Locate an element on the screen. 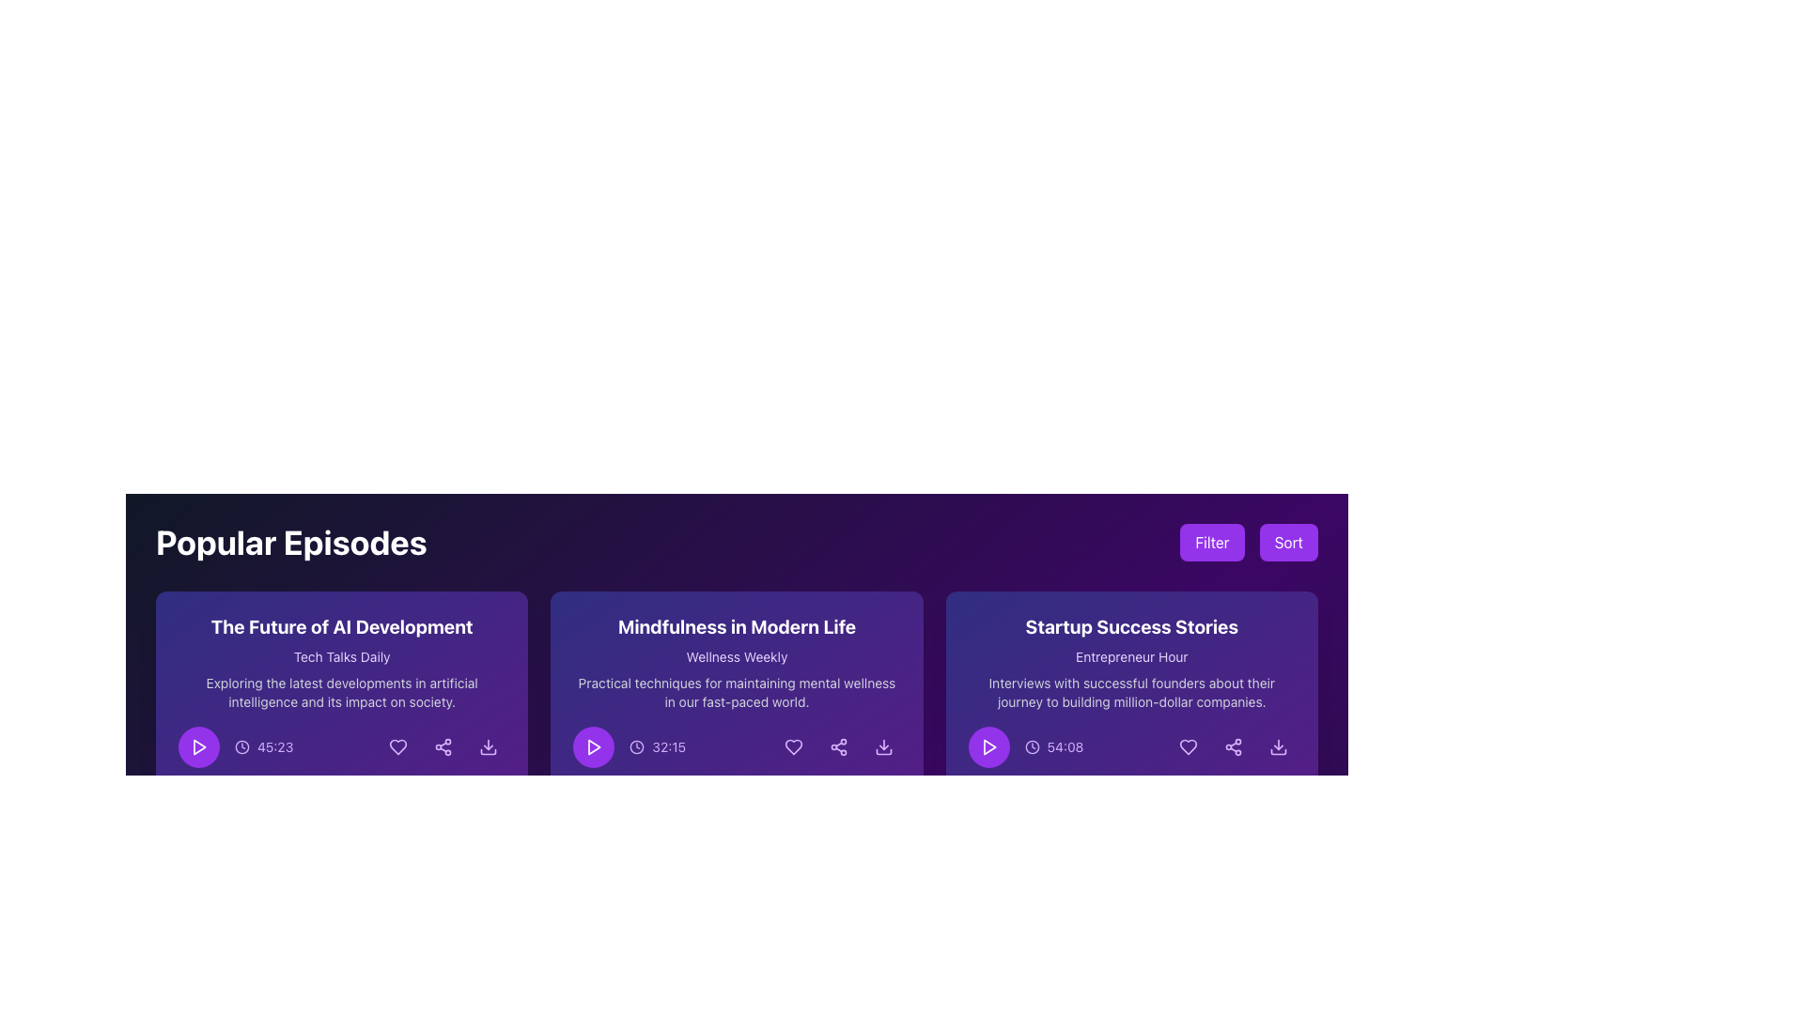 The height and width of the screenshot is (1014, 1804). the triangular-shaped play icon button, which is surrounded by a prominent purple circular button, located in the bottom-left corner of the episode card titled 'The Future of AI Development.' is located at coordinates (198, 745).